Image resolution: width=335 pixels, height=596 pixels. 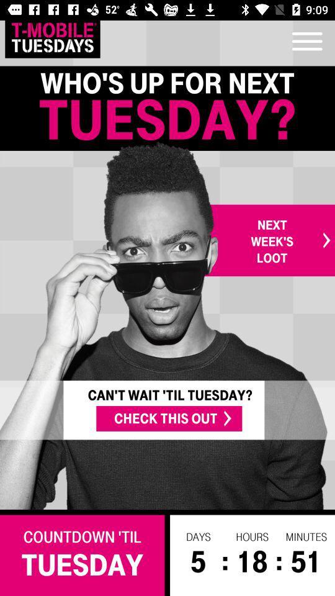 What do you see at coordinates (51, 37) in the screenshot?
I see `icon above who s up` at bounding box center [51, 37].